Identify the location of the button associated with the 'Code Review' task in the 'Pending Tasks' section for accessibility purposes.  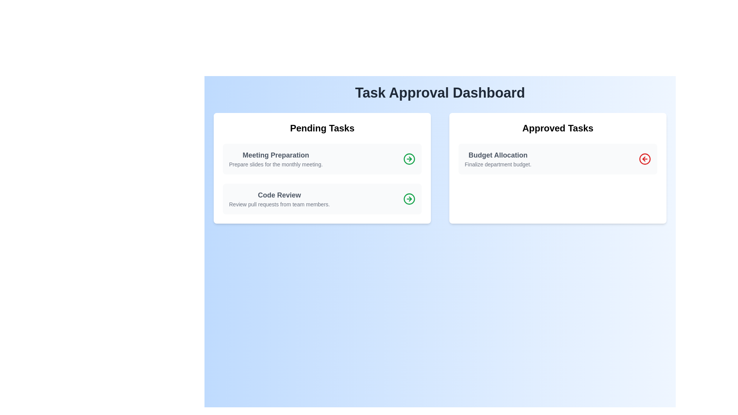
(409, 198).